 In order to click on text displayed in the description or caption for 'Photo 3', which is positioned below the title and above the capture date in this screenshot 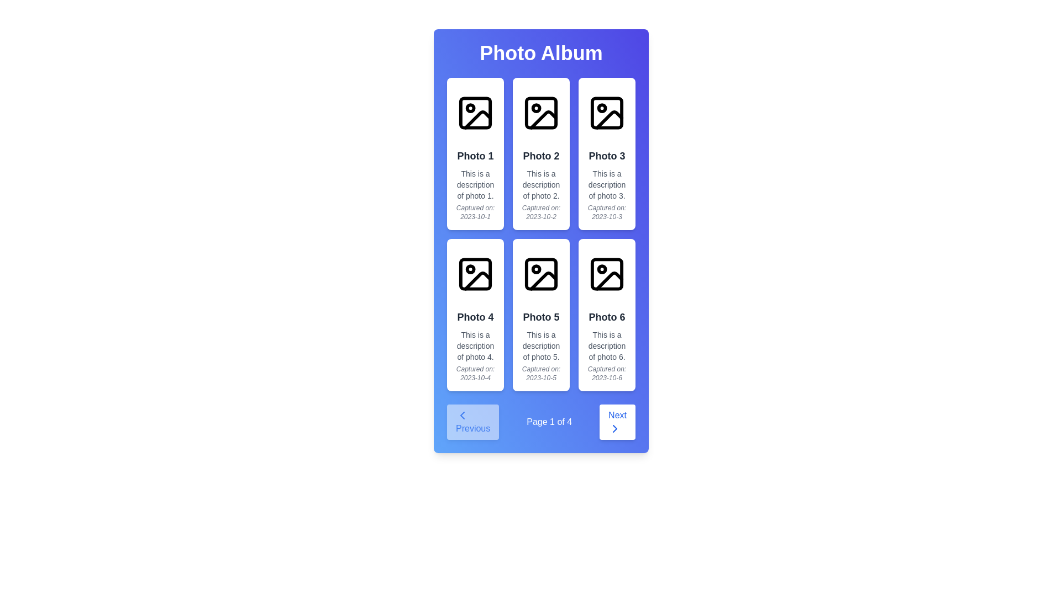, I will do `click(606, 184)`.